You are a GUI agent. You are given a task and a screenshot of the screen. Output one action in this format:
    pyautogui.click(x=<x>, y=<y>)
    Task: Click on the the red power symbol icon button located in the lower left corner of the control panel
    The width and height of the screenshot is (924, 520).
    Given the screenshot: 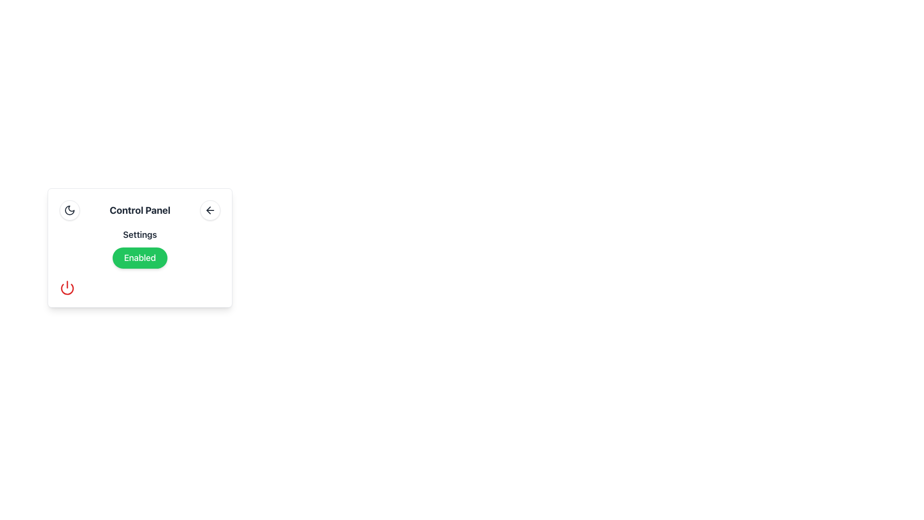 What is the action you would take?
    pyautogui.click(x=66, y=287)
    